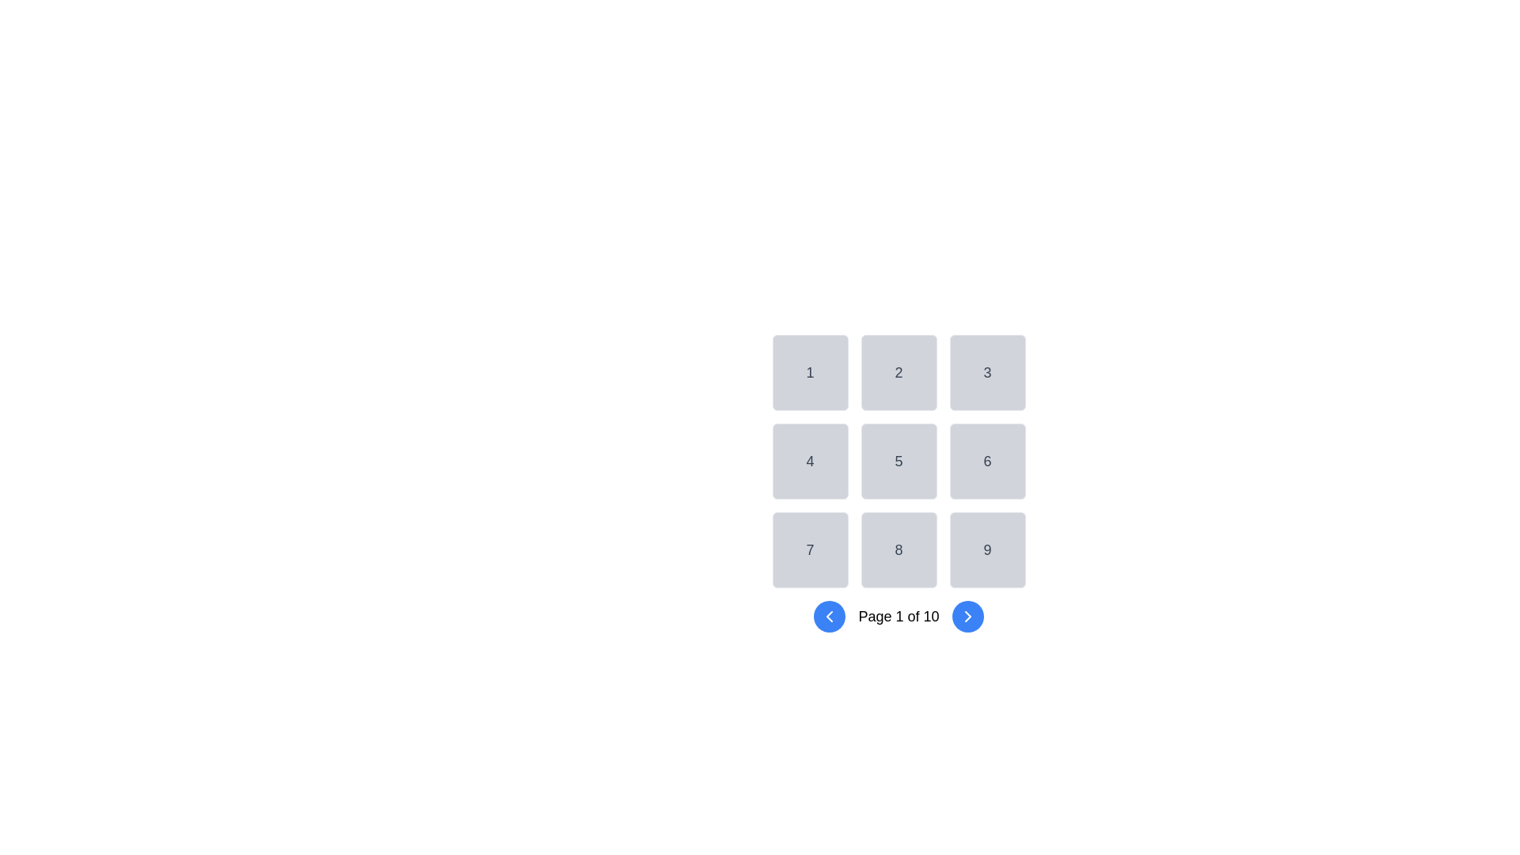 The height and width of the screenshot is (855, 1520). I want to click on the button labeled '1' located in the top-left corner of a 3x3 grid, so click(810, 372).